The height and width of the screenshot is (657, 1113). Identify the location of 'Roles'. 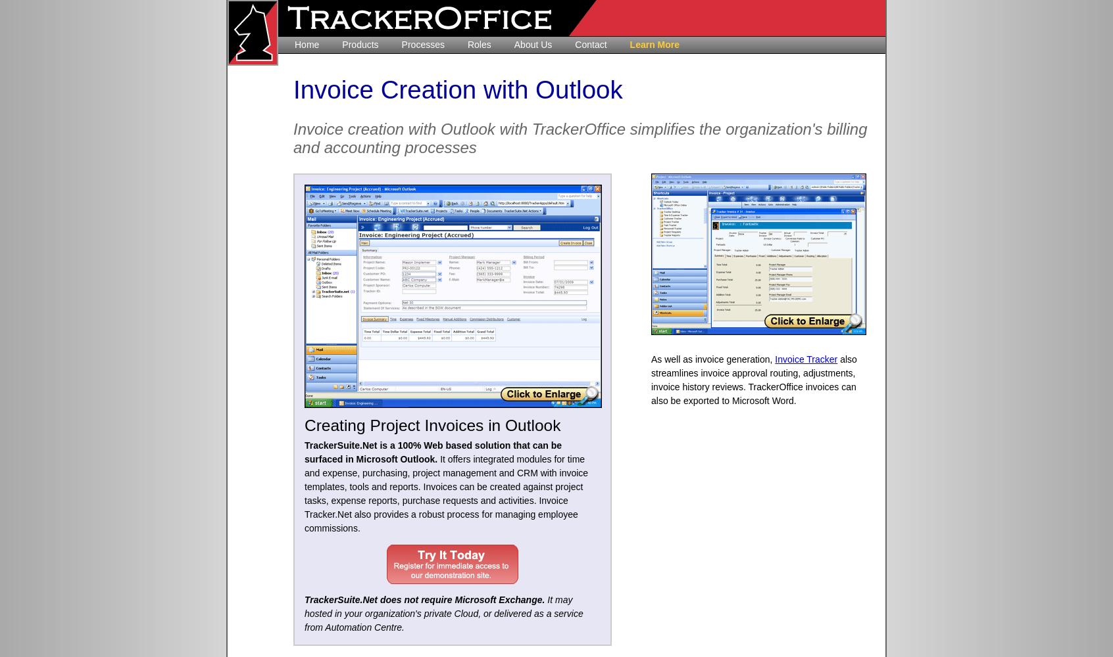
(466, 44).